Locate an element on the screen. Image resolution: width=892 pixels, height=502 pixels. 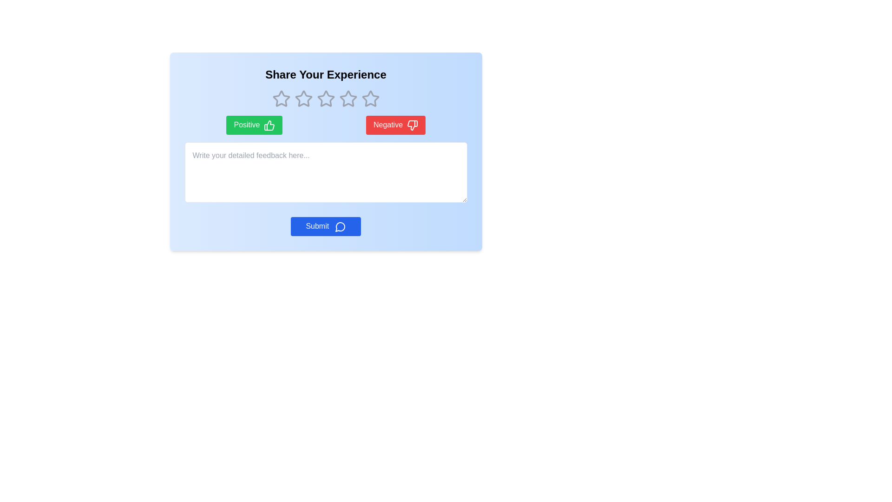
the third star-shaped icon in the rating component under 'Share Your Experience' is located at coordinates (303, 99).